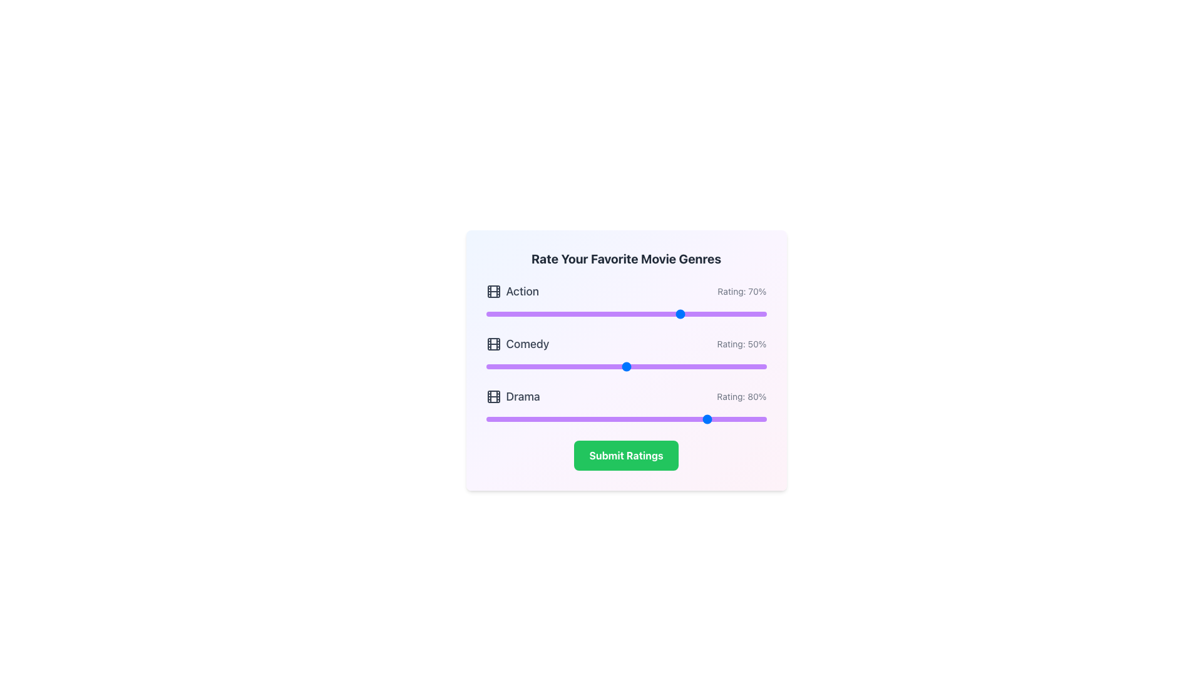 The width and height of the screenshot is (1202, 676). Describe the element at coordinates (493, 292) in the screenshot. I see `the film reel icon, which is dark gray and located to the left of the 'Action' text label in the vertical list of movie genres` at that location.